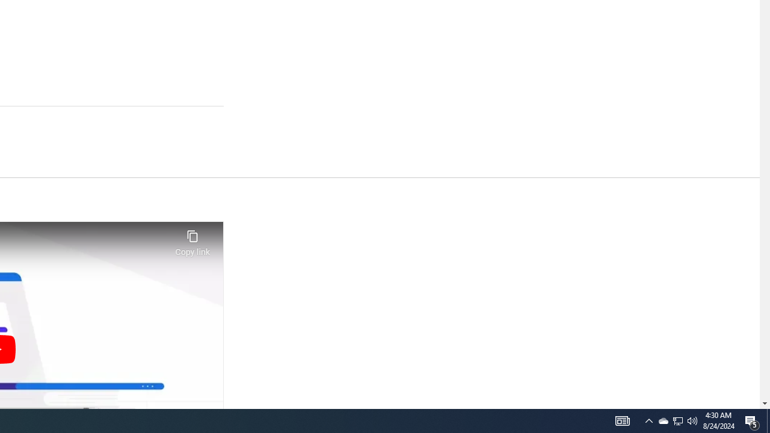 This screenshot has height=433, width=770. What do you see at coordinates (192, 239) in the screenshot?
I see `'Copy link'` at bounding box center [192, 239].